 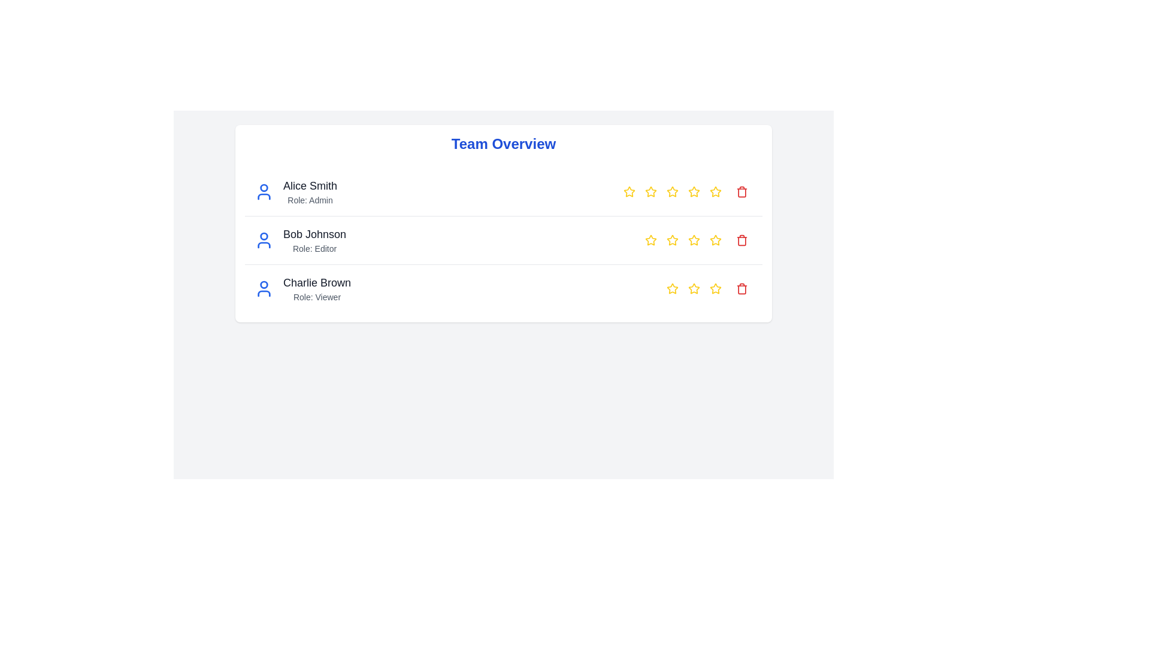 What do you see at coordinates (629, 191) in the screenshot?
I see `the yellow star icon with a white interior in the Team Overview section` at bounding box center [629, 191].